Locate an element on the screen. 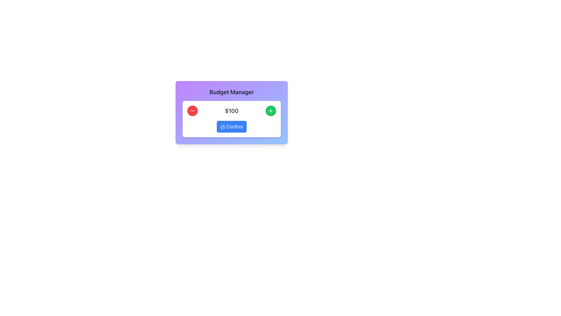 The height and width of the screenshot is (316, 561). the Text Display that shows the current monetary value, located between the red decrement button and the green increment button is located at coordinates (231, 111).